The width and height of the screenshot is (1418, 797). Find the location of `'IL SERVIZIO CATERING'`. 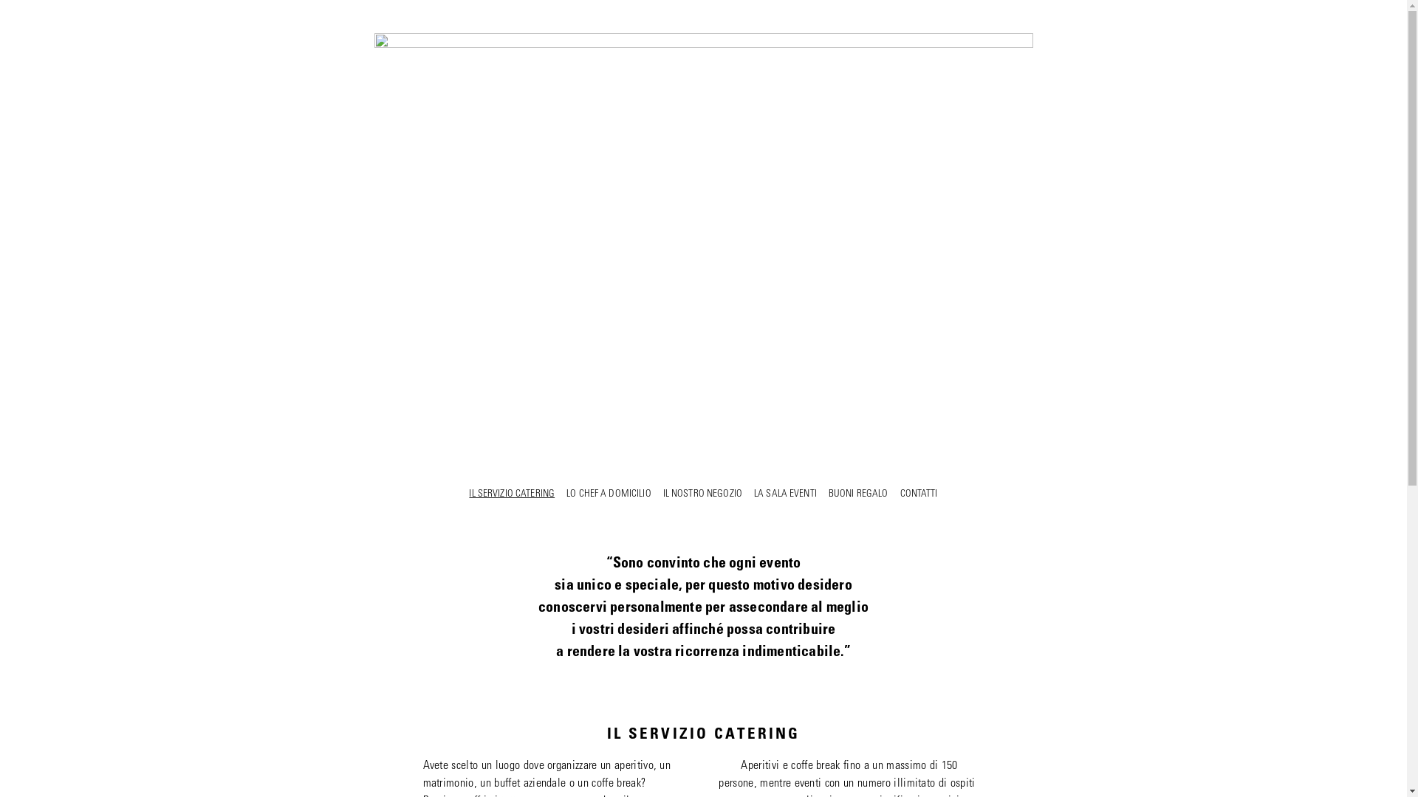

'IL SERVIZIO CATERING' is located at coordinates (511, 494).